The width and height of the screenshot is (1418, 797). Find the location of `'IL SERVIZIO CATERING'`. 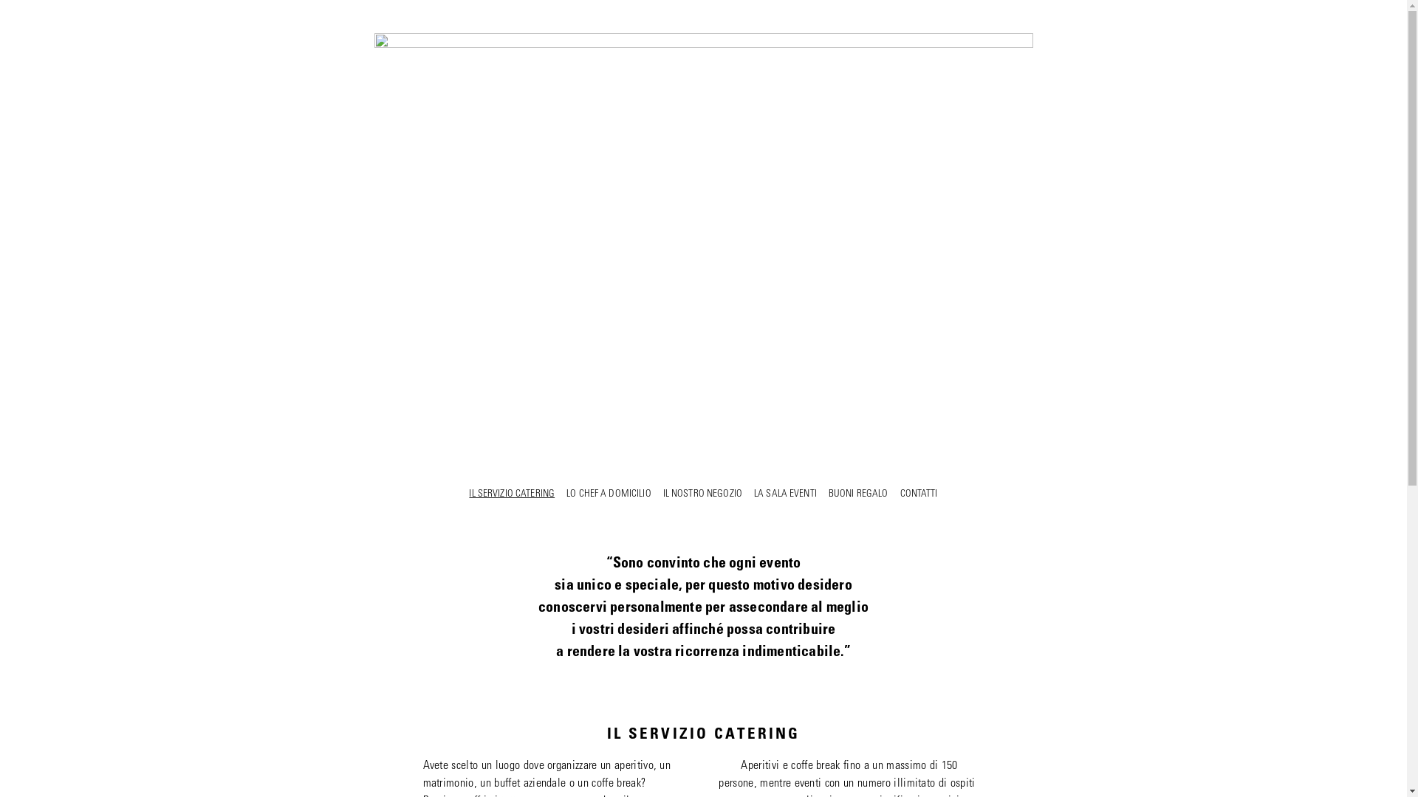

'IL SERVIZIO CATERING' is located at coordinates (511, 494).